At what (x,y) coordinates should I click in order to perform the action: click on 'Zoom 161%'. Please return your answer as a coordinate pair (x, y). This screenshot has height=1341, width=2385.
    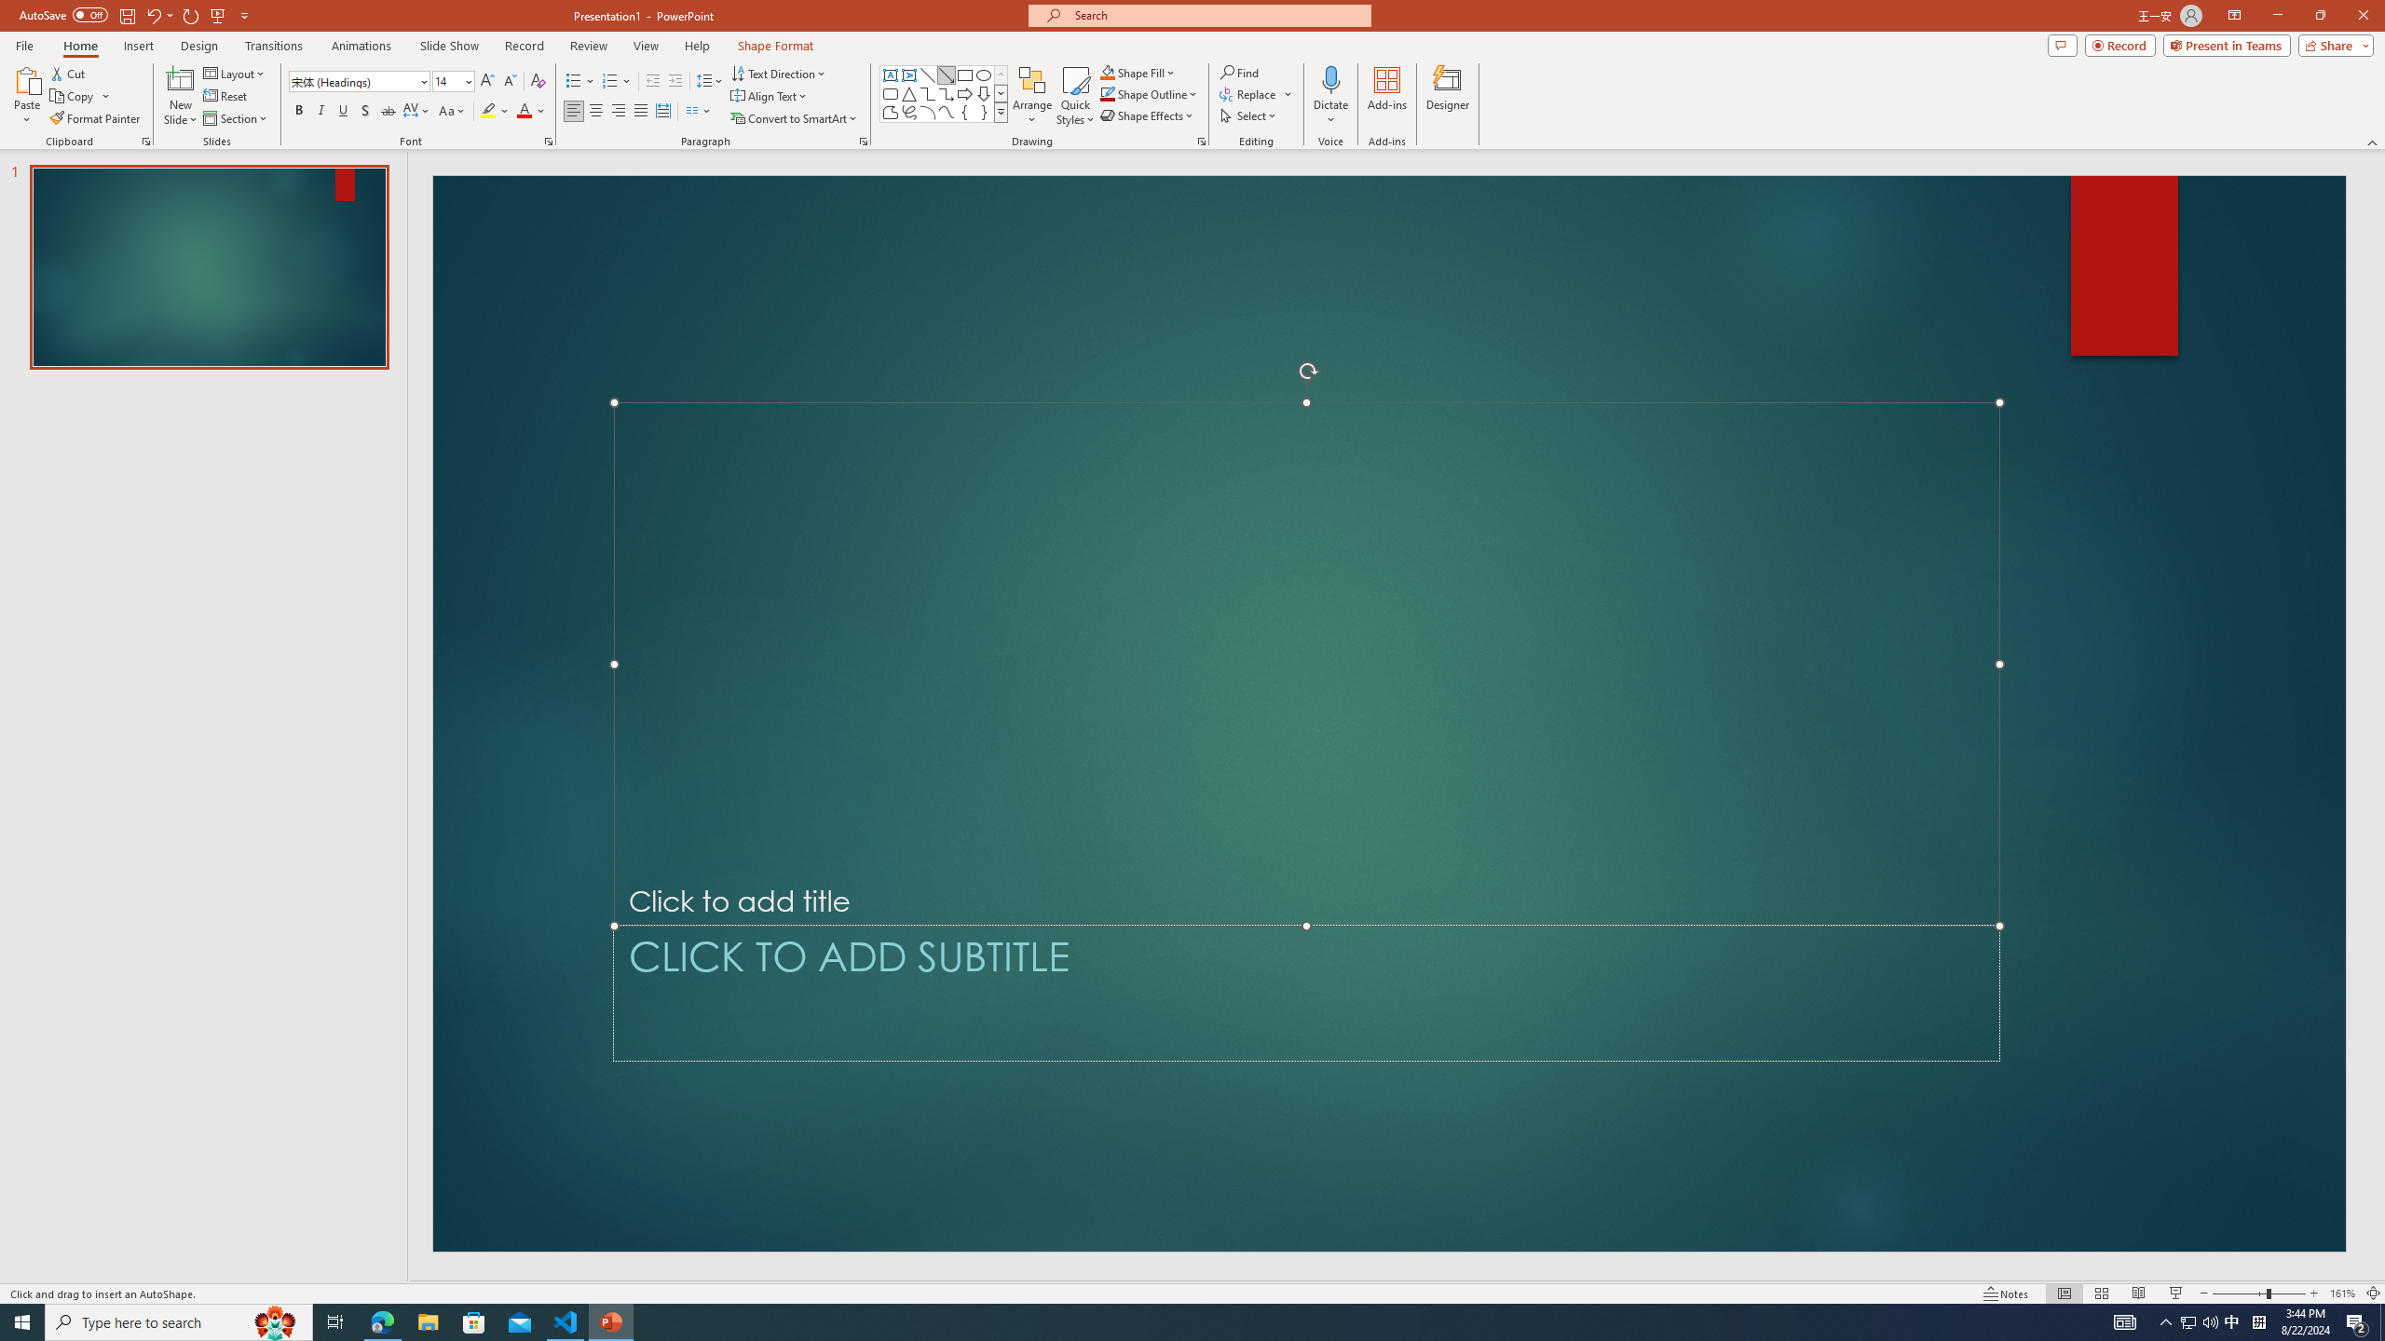
    Looking at the image, I should click on (2343, 1294).